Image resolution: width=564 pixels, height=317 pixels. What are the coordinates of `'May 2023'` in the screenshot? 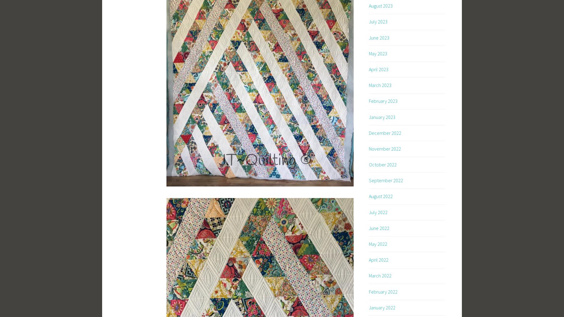 It's located at (378, 53).